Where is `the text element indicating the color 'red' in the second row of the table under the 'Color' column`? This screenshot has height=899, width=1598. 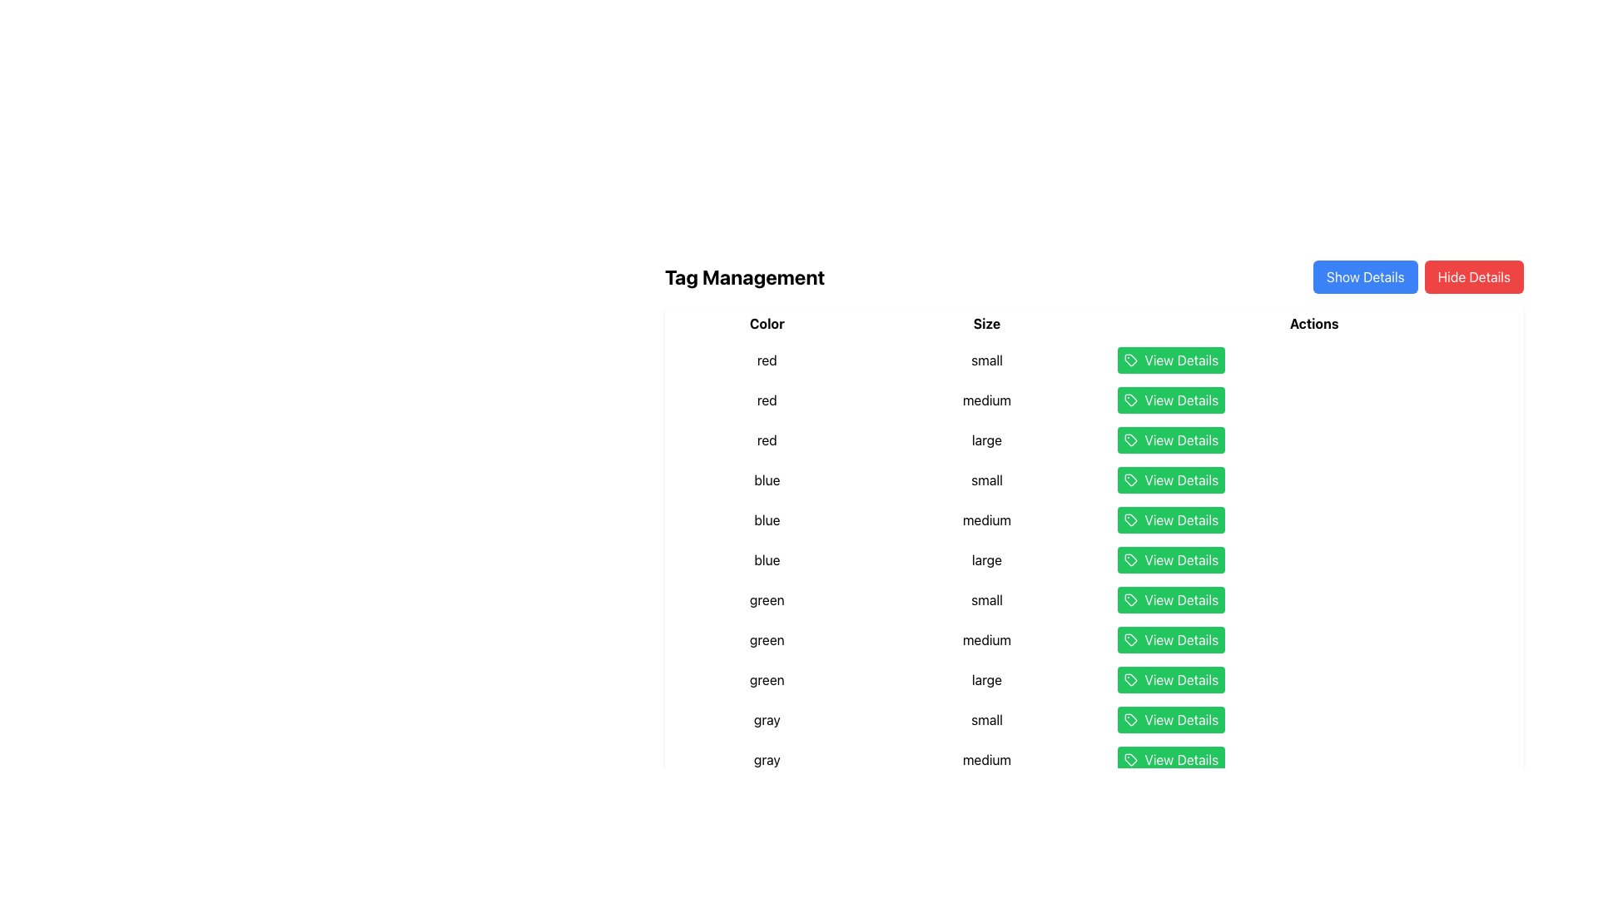
the text element indicating the color 'red' in the second row of the table under the 'Color' column is located at coordinates (766, 400).